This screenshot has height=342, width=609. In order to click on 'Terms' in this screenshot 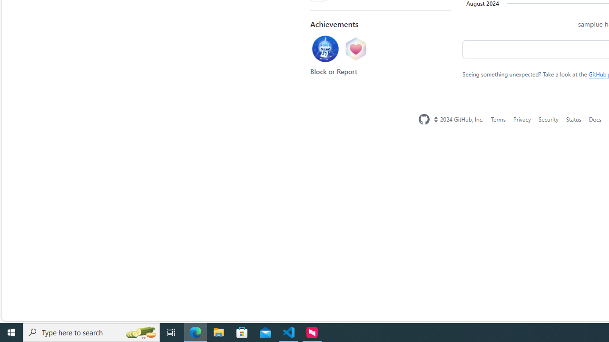, I will do `click(497, 118)`.